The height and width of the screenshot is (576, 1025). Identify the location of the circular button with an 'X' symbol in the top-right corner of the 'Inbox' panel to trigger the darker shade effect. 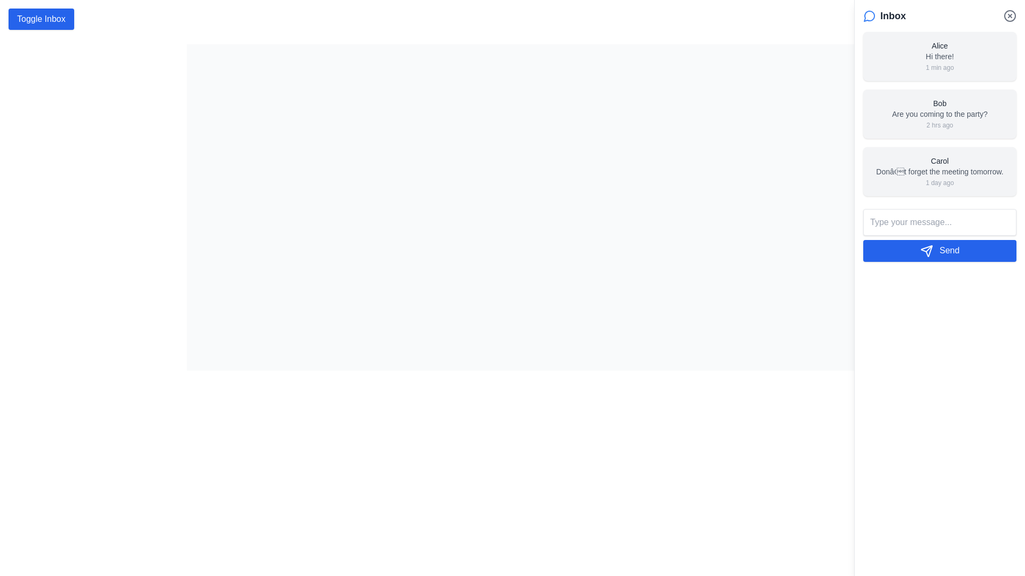
(1009, 16).